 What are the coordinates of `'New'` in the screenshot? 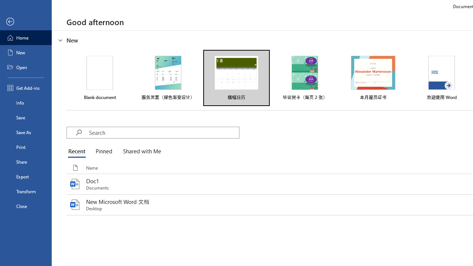 It's located at (25, 52).